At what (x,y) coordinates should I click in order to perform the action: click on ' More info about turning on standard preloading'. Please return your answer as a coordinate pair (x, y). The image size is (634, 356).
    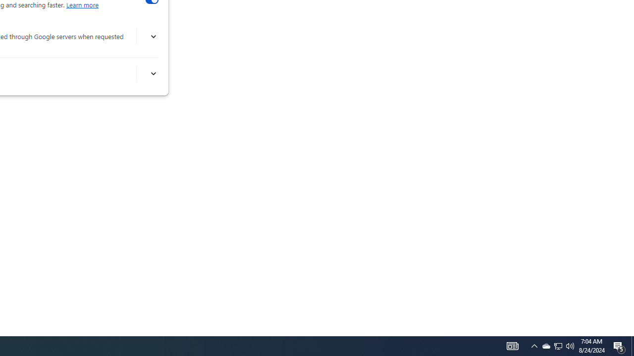
    Looking at the image, I should click on (153, 73).